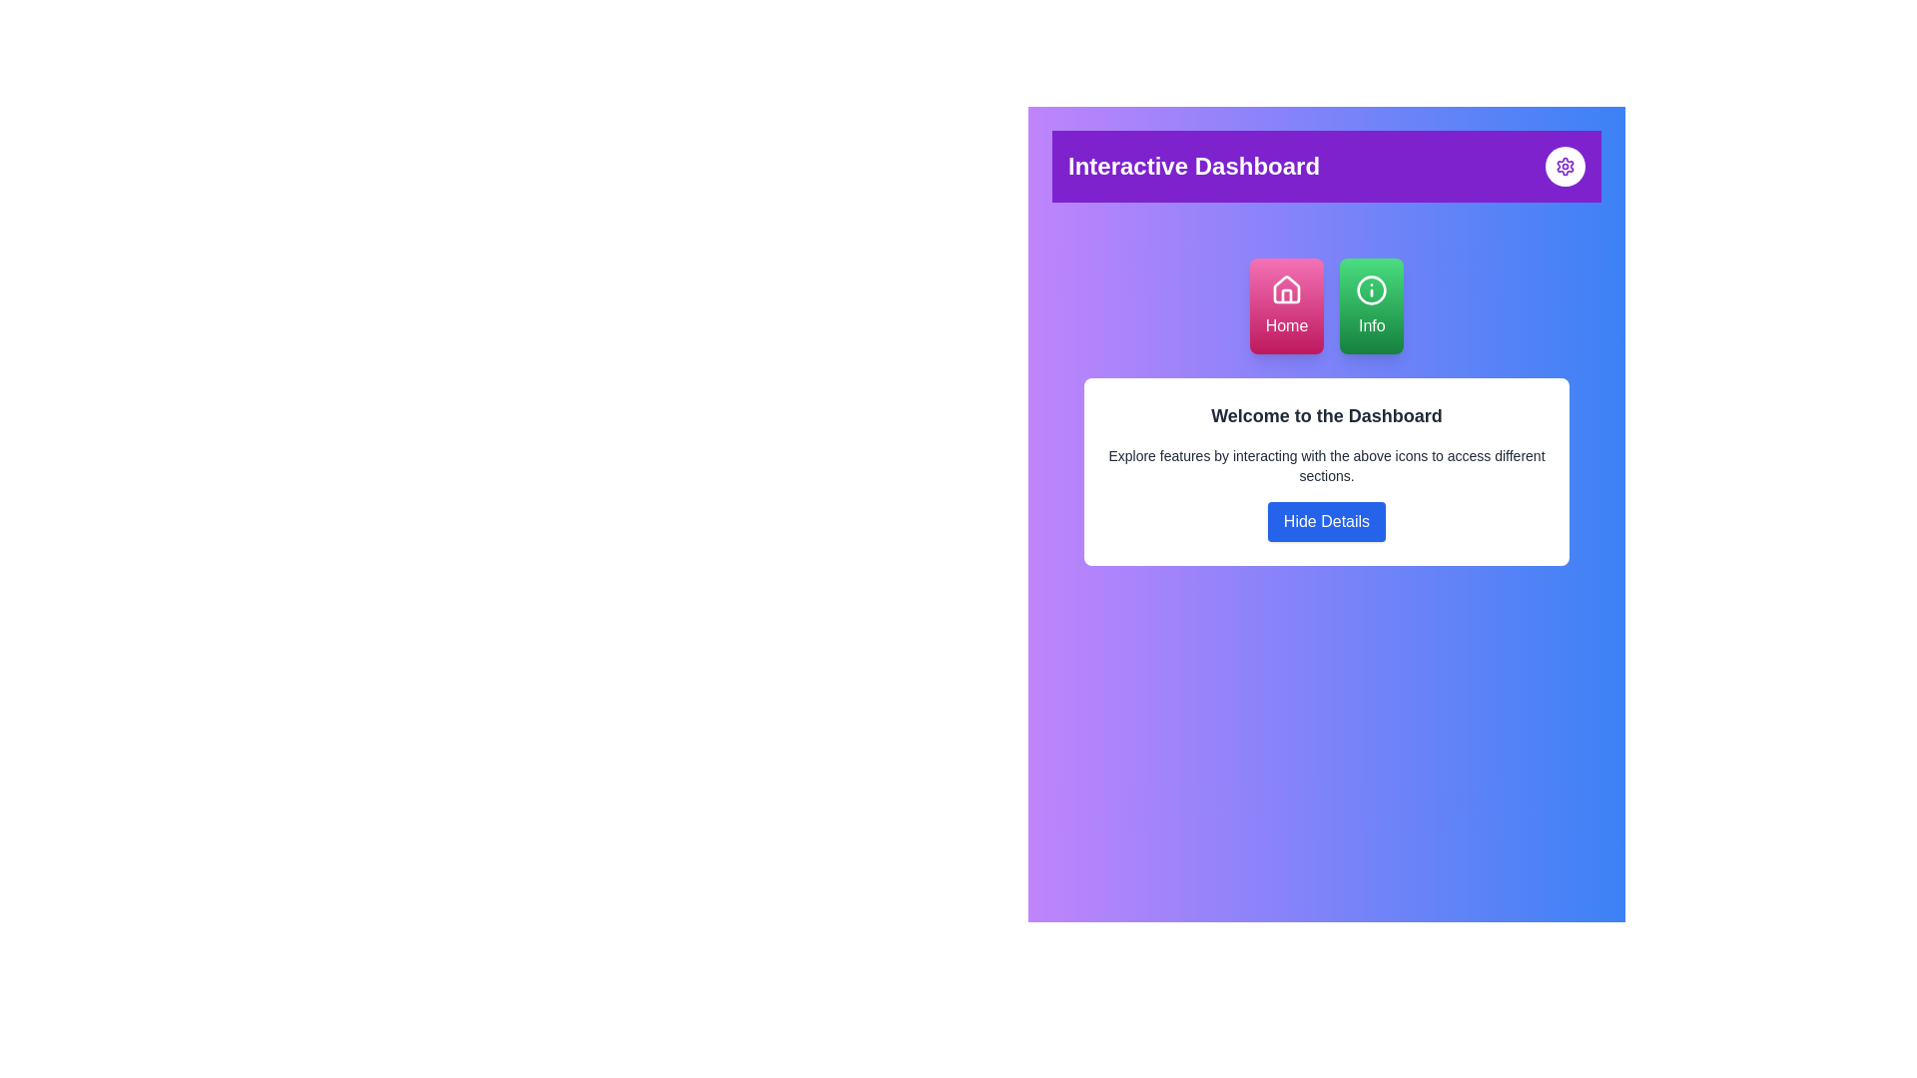 The height and width of the screenshot is (1078, 1917). I want to click on the guidance text element located below the title 'Welcome to the Dashboard' and above the 'Hide Details' button, so click(1327, 465).